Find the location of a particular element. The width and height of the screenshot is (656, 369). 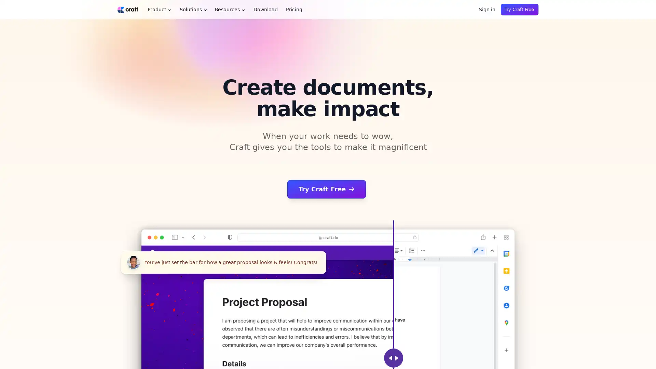

Product is located at coordinates (159, 9).